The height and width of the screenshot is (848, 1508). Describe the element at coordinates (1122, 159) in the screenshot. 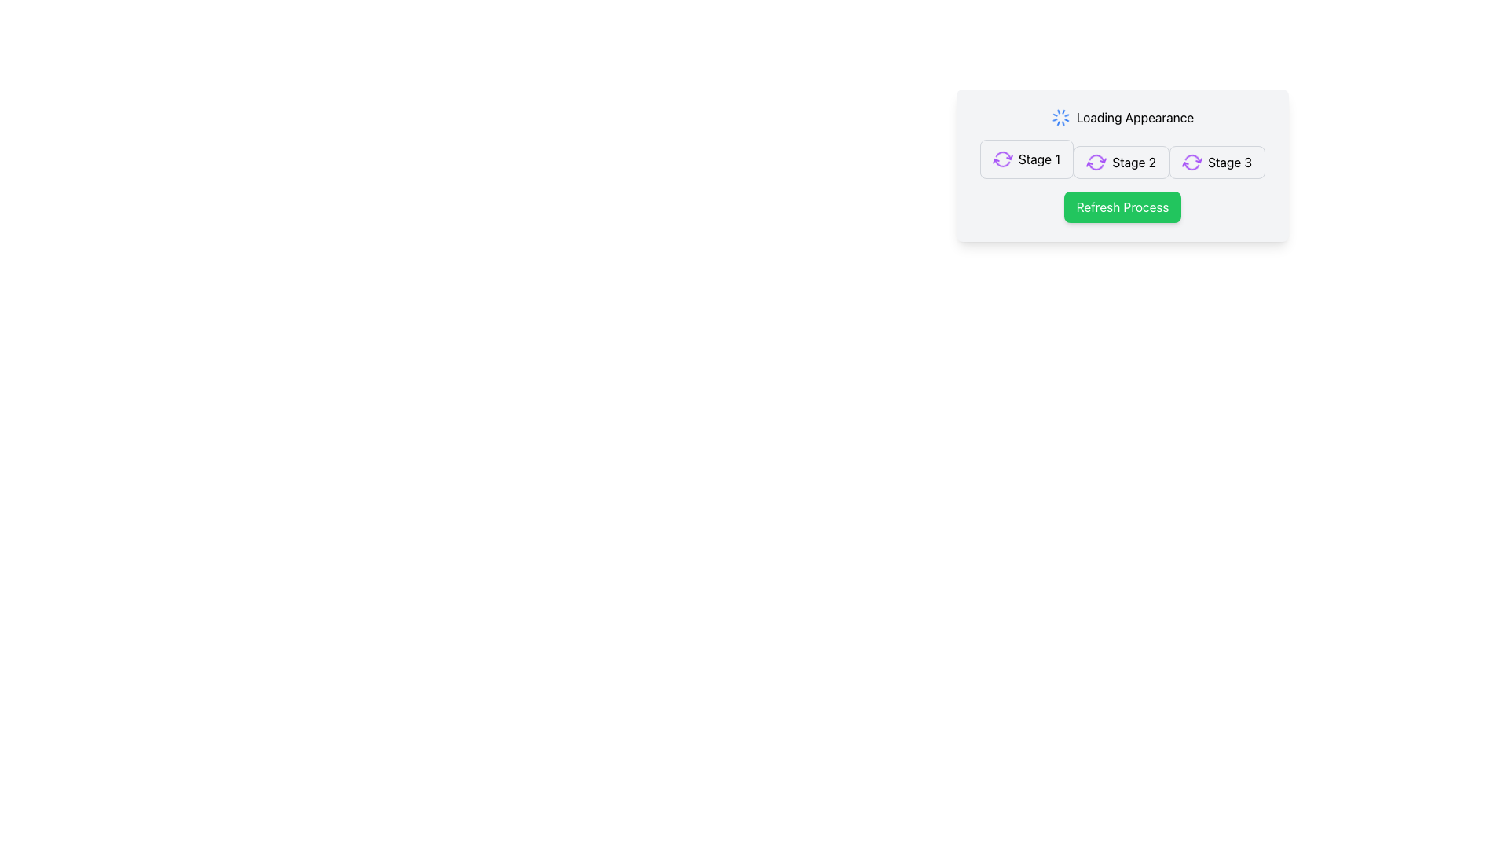

I see `the second stage button within the process representation` at that location.